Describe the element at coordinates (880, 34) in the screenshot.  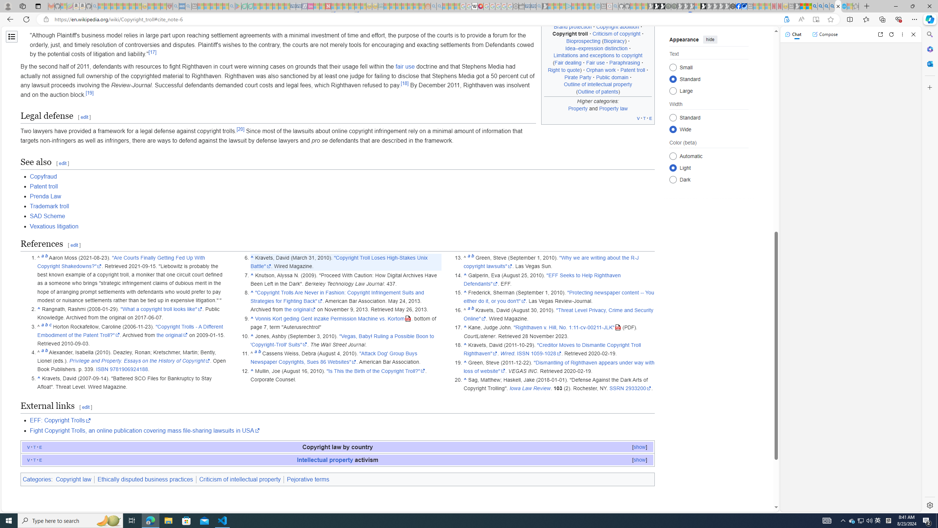
I see `'Open link in new tab'` at that location.